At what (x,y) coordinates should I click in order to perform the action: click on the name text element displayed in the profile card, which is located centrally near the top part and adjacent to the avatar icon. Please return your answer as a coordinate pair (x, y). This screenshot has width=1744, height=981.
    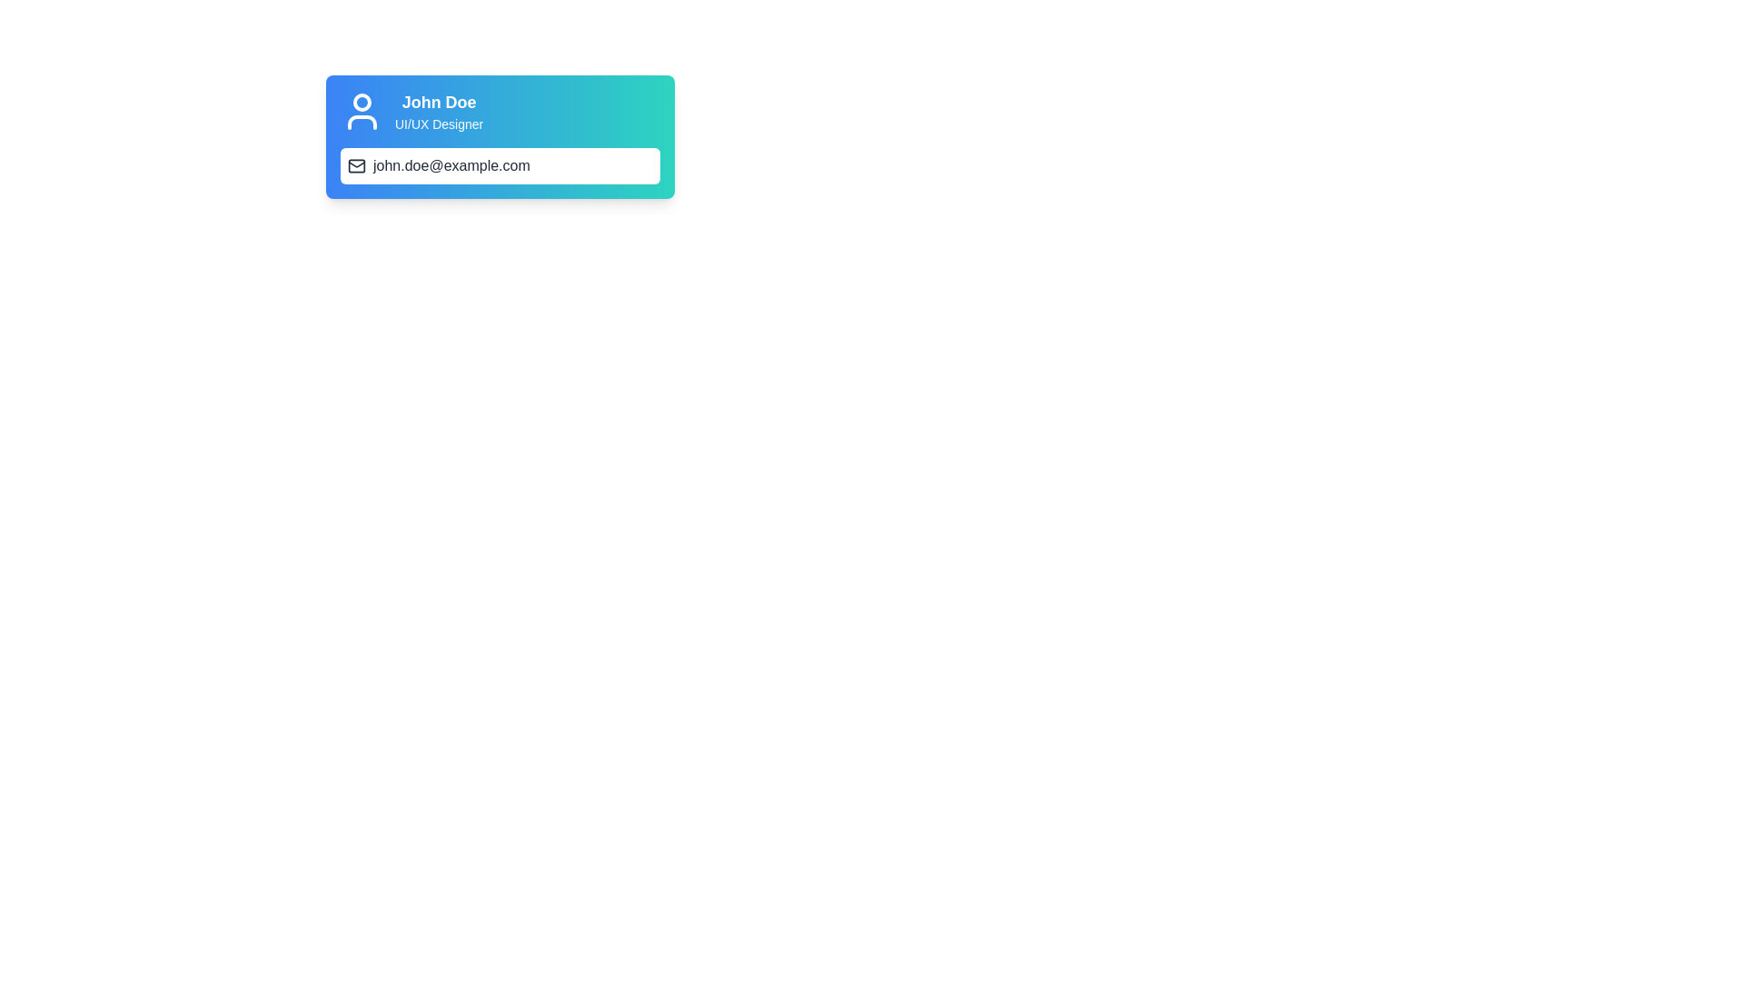
    Looking at the image, I should click on (439, 102).